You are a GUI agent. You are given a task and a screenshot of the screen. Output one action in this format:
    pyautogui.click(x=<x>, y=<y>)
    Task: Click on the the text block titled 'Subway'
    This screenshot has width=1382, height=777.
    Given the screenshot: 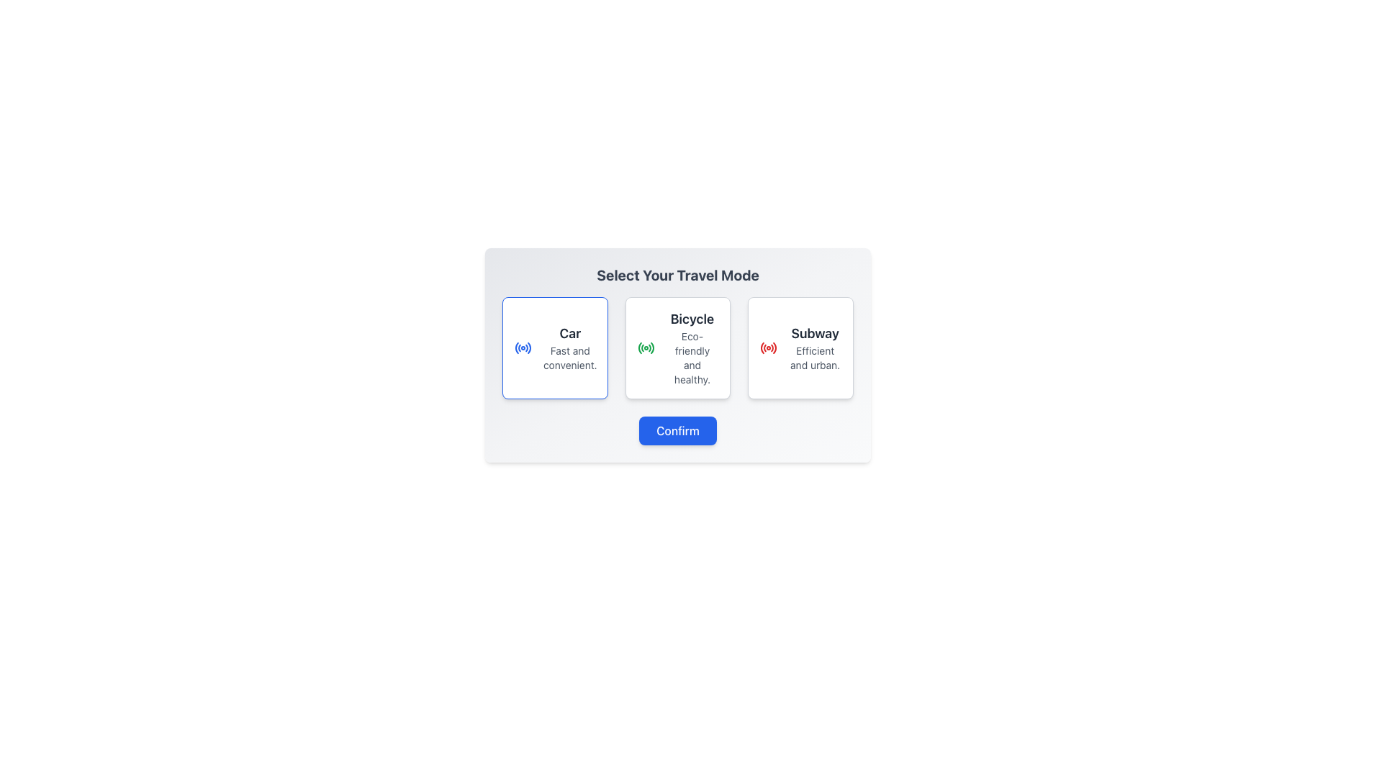 What is the action you would take?
    pyautogui.click(x=815, y=347)
    